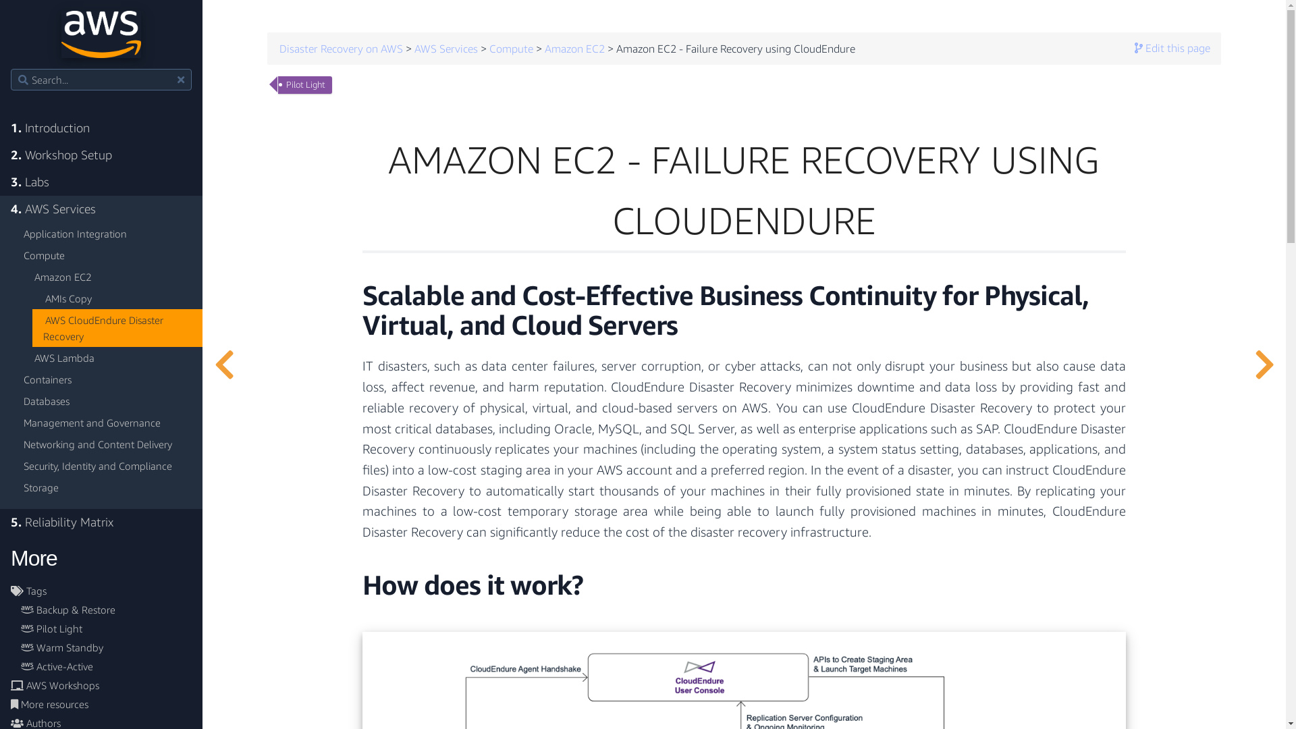 The height and width of the screenshot is (729, 1296). I want to click on 'Go home', so click(100, 33).